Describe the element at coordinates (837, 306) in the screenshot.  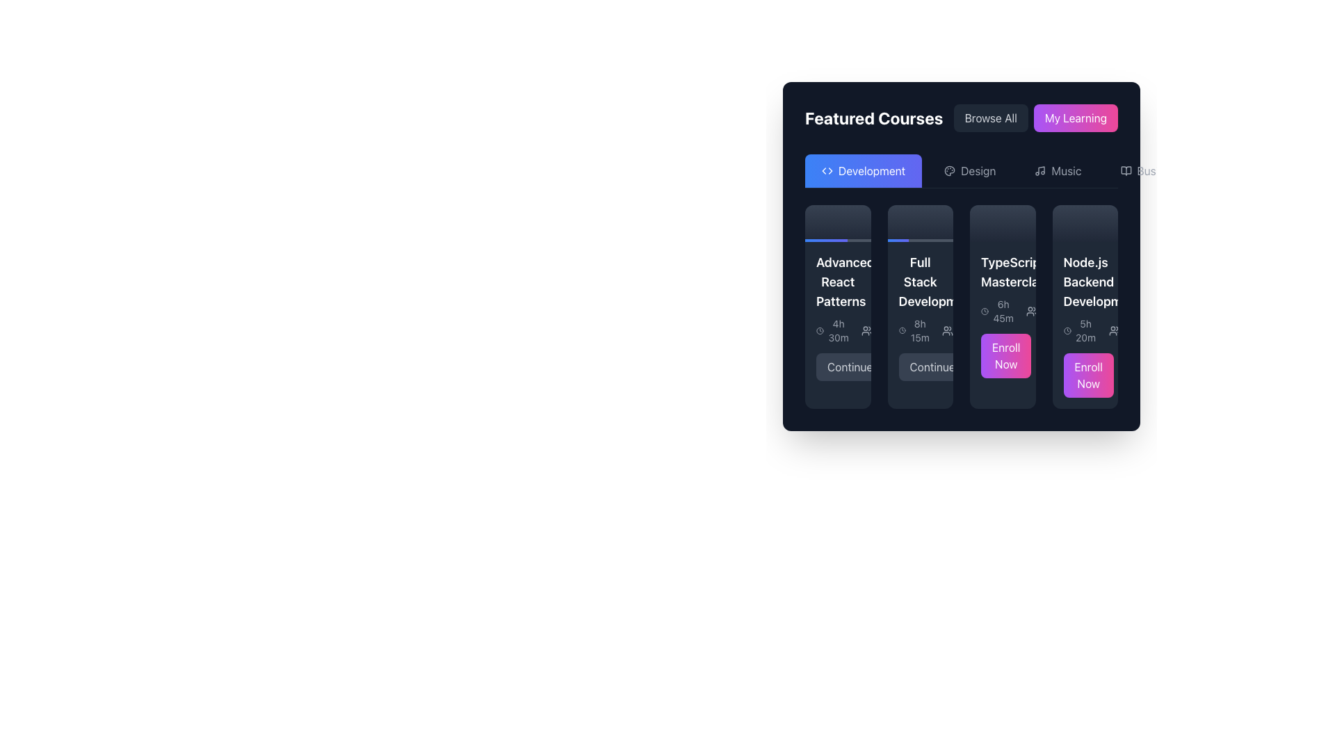
I see `the Course Overview Card located in the upper-left corner of the grid` at that location.